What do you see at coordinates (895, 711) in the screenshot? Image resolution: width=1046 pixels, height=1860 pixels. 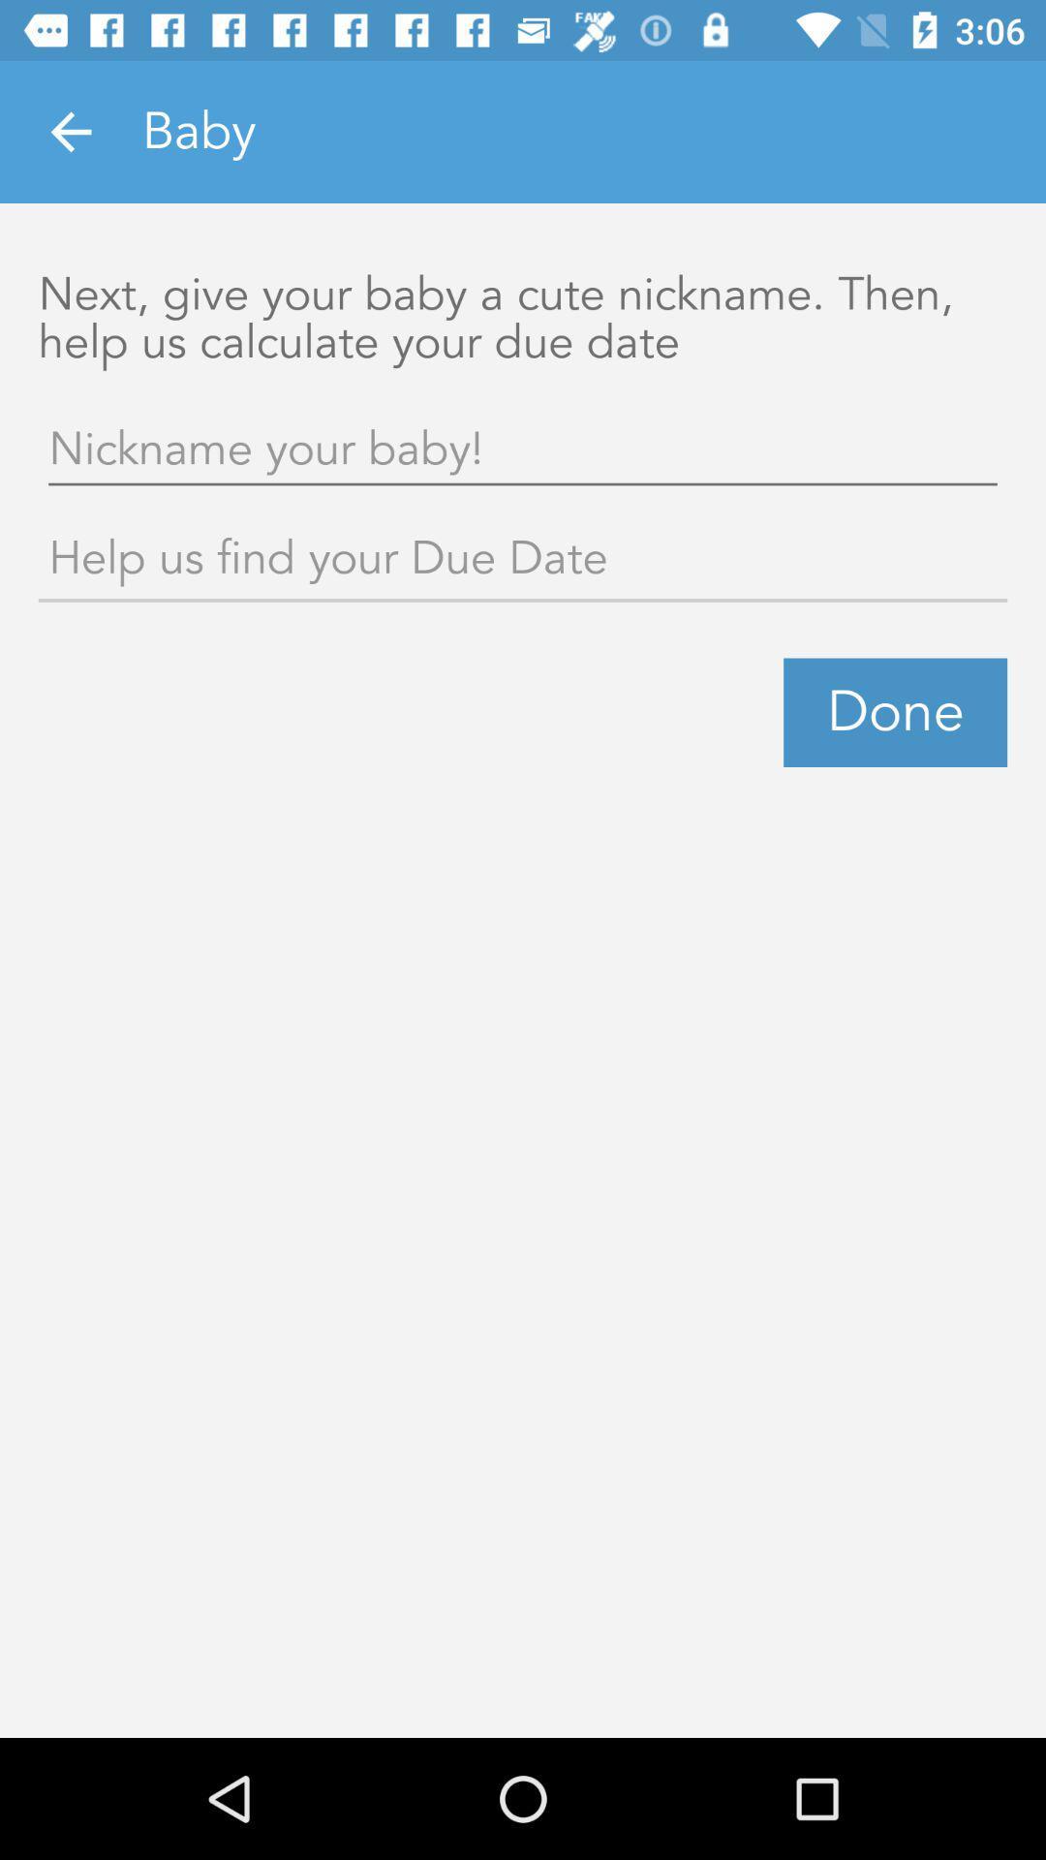 I see `the done icon` at bounding box center [895, 711].